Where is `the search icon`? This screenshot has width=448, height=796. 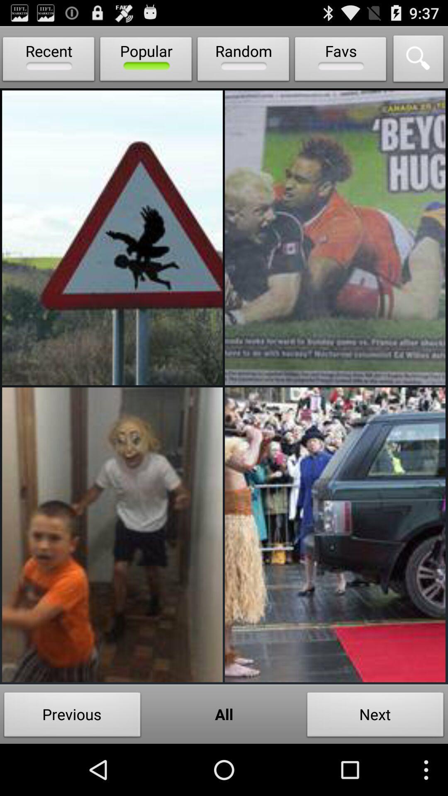 the search icon is located at coordinates (419, 65).